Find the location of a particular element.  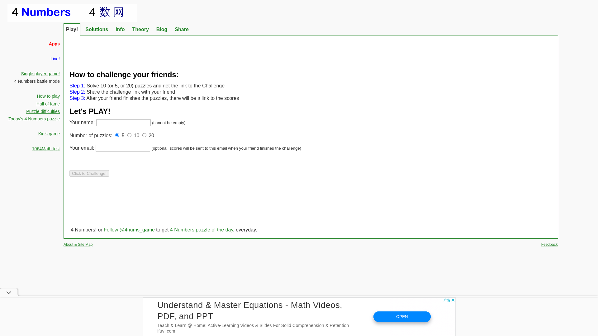

'Blog' is located at coordinates (162, 30).